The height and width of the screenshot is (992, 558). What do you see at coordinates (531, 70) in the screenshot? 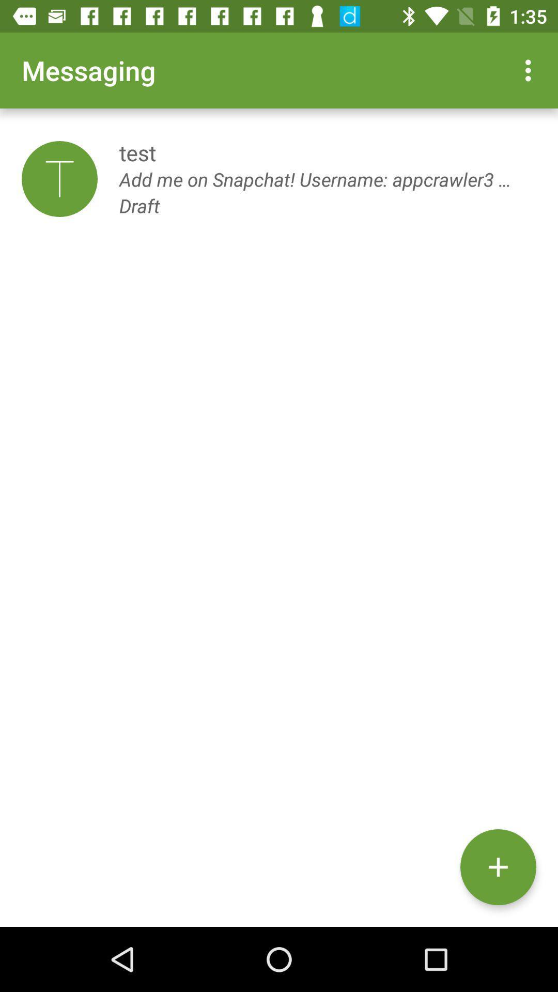
I see `icon next to messaging app` at bounding box center [531, 70].